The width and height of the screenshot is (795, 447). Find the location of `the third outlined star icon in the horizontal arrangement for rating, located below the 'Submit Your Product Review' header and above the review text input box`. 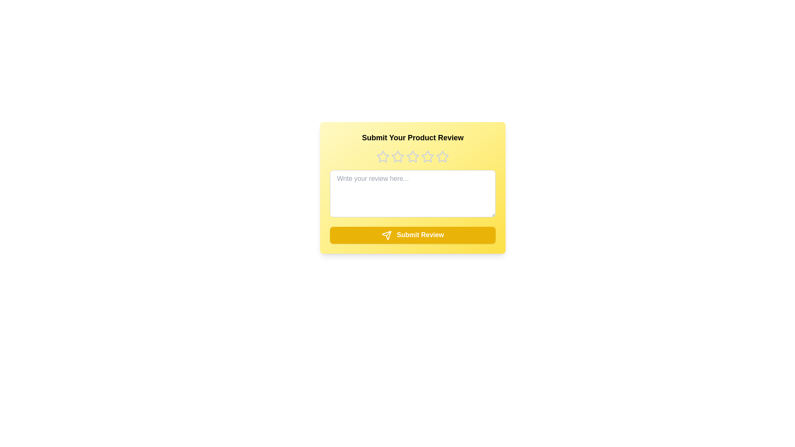

the third outlined star icon in the horizontal arrangement for rating, located below the 'Submit Your Product Review' header and above the review text input box is located at coordinates (413, 156).